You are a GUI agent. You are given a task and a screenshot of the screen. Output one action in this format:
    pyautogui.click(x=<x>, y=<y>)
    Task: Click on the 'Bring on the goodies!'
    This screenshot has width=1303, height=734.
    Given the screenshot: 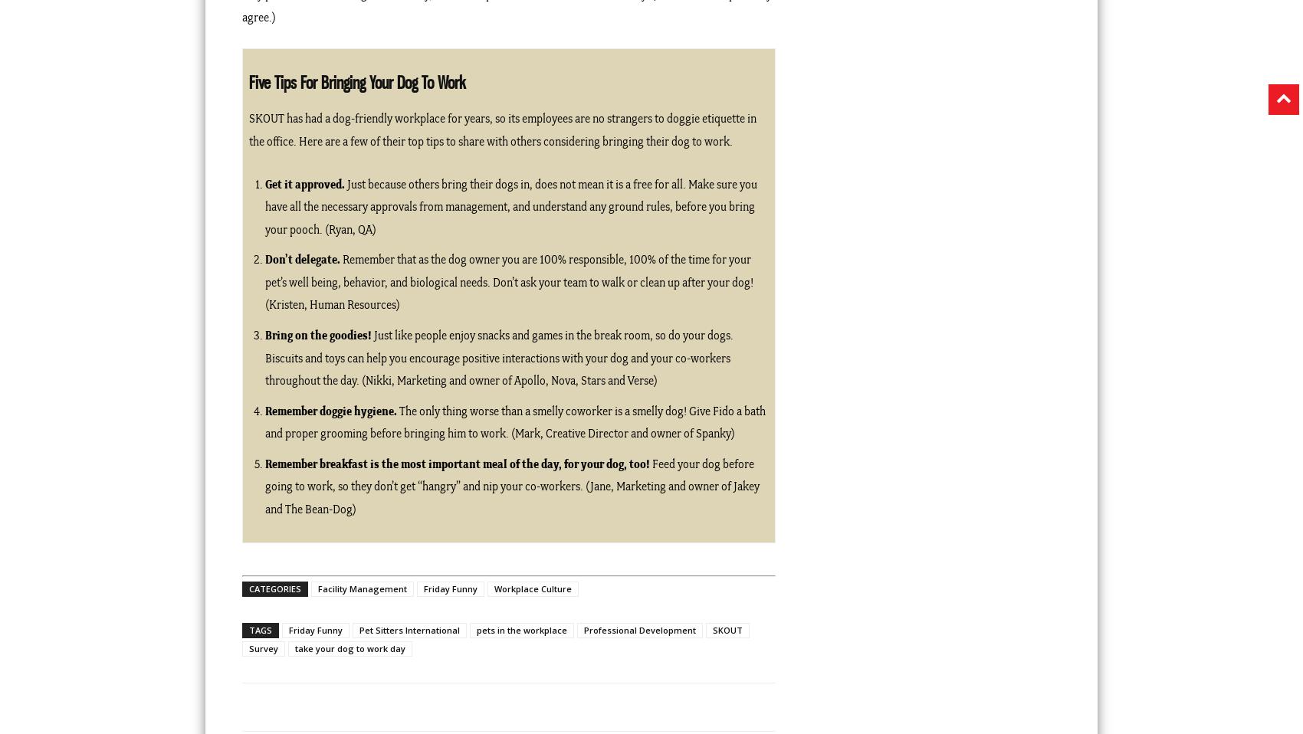 What is the action you would take?
    pyautogui.click(x=317, y=335)
    